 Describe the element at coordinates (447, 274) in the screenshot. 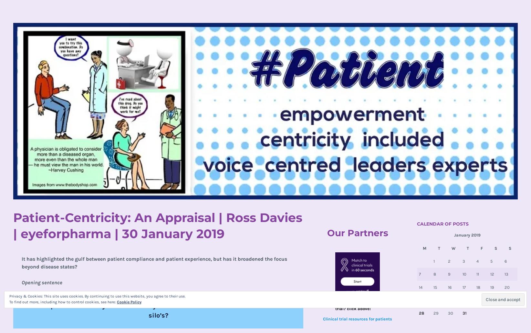

I see `'9'` at that location.